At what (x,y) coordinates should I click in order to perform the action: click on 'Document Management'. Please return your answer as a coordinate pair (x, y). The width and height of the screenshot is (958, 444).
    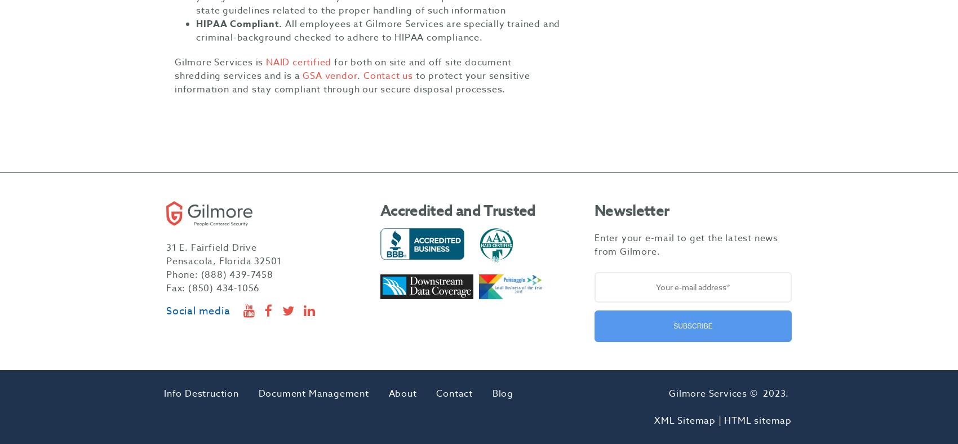
    Looking at the image, I should click on (313, 394).